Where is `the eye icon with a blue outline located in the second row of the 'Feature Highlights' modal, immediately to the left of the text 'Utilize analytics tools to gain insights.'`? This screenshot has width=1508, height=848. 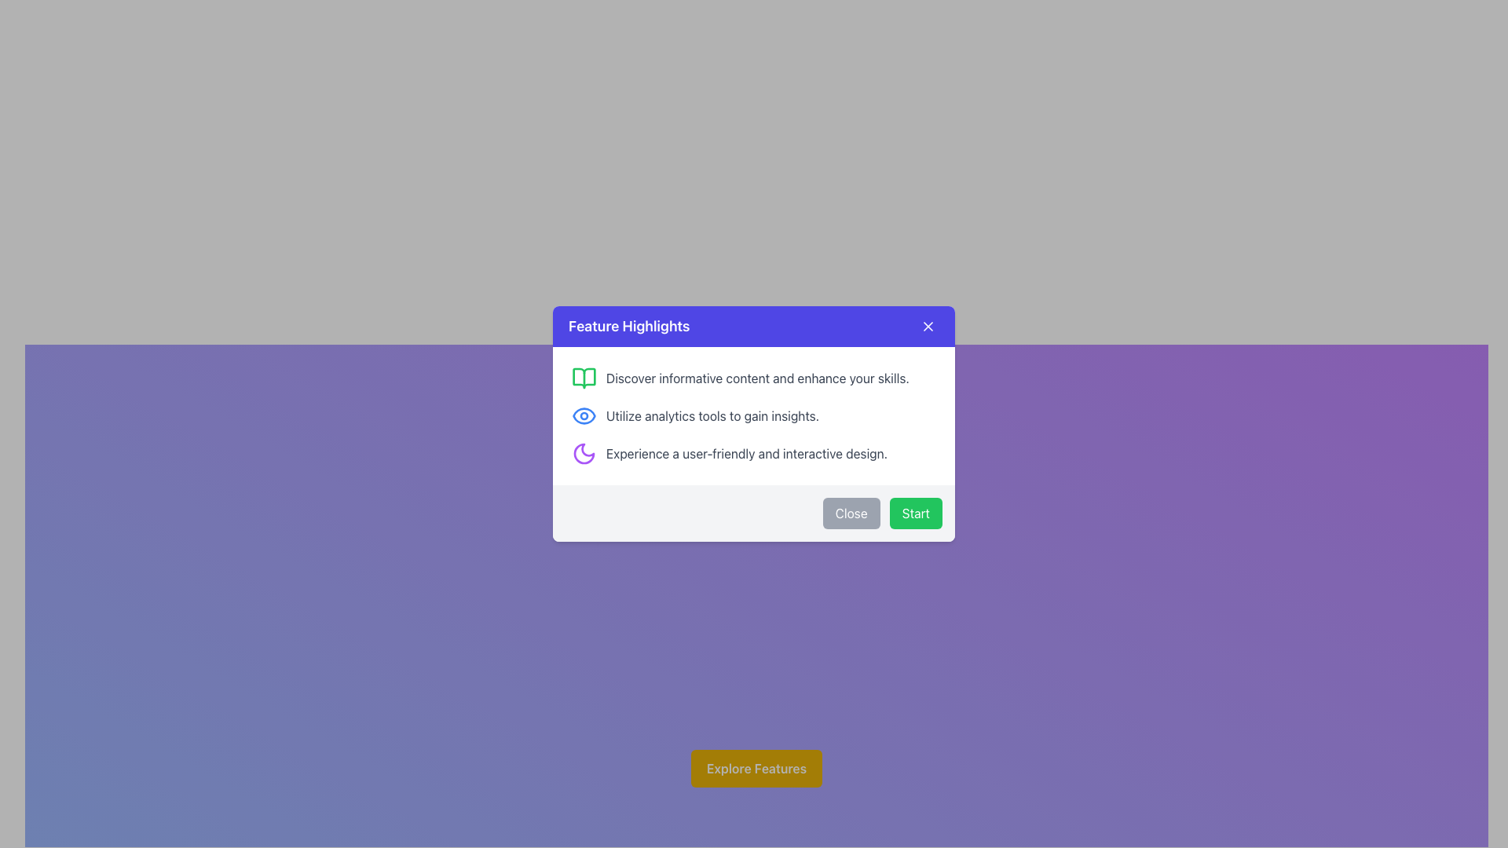 the eye icon with a blue outline located in the second row of the 'Feature Highlights' modal, immediately to the left of the text 'Utilize analytics tools to gain insights.' is located at coordinates (584, 415).